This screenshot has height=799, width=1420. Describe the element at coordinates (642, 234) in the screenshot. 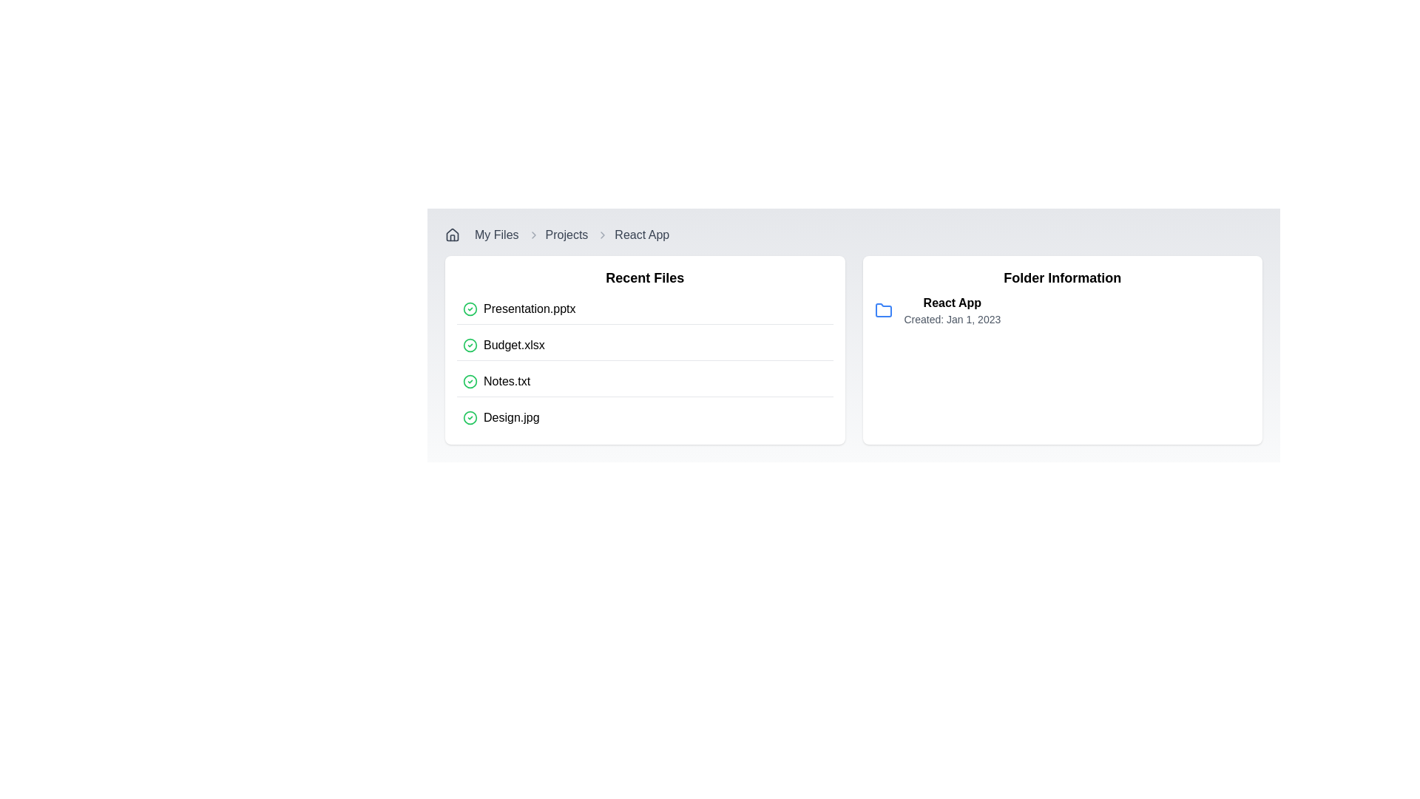

I see `the third breadcrumb hyperlink in the navigation bar` at that location.